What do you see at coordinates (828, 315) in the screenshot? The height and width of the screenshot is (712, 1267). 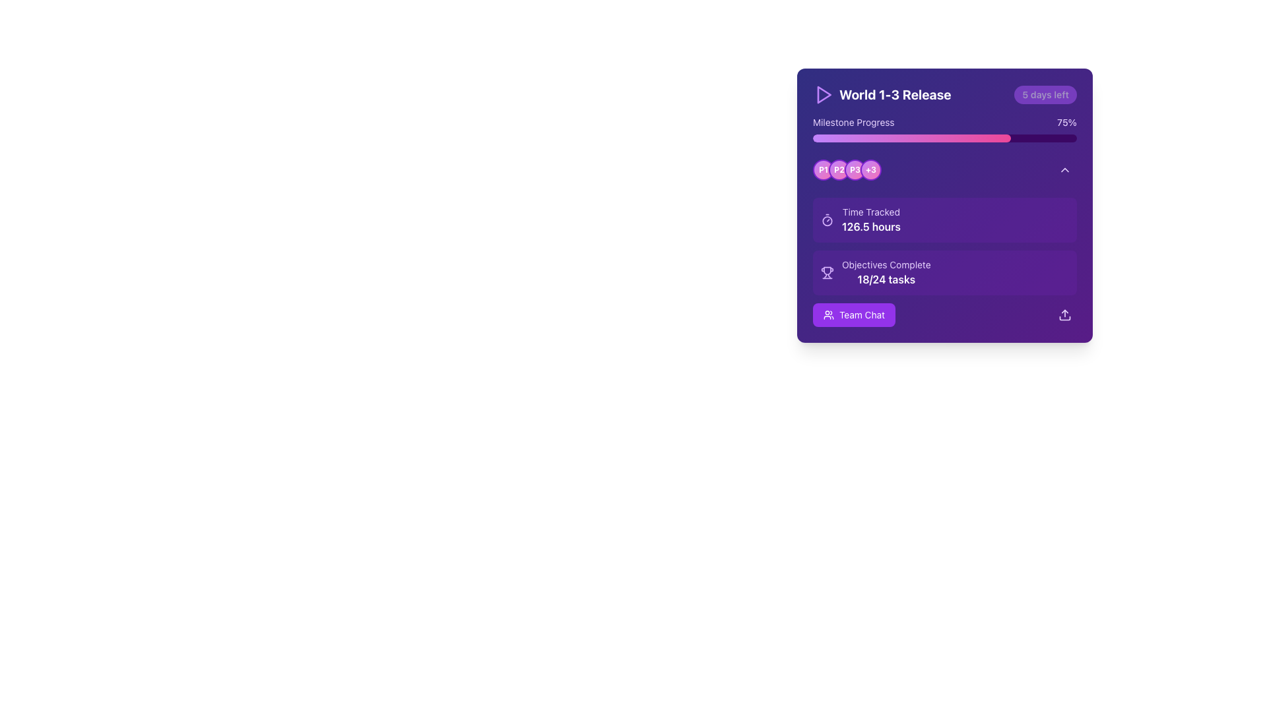 I see `the small icon styled as an outline representation of multiple users, located on the left side of the 'Team Chat' button, which is situated at the bottom of a purple card` at bounding box center [828, 315].